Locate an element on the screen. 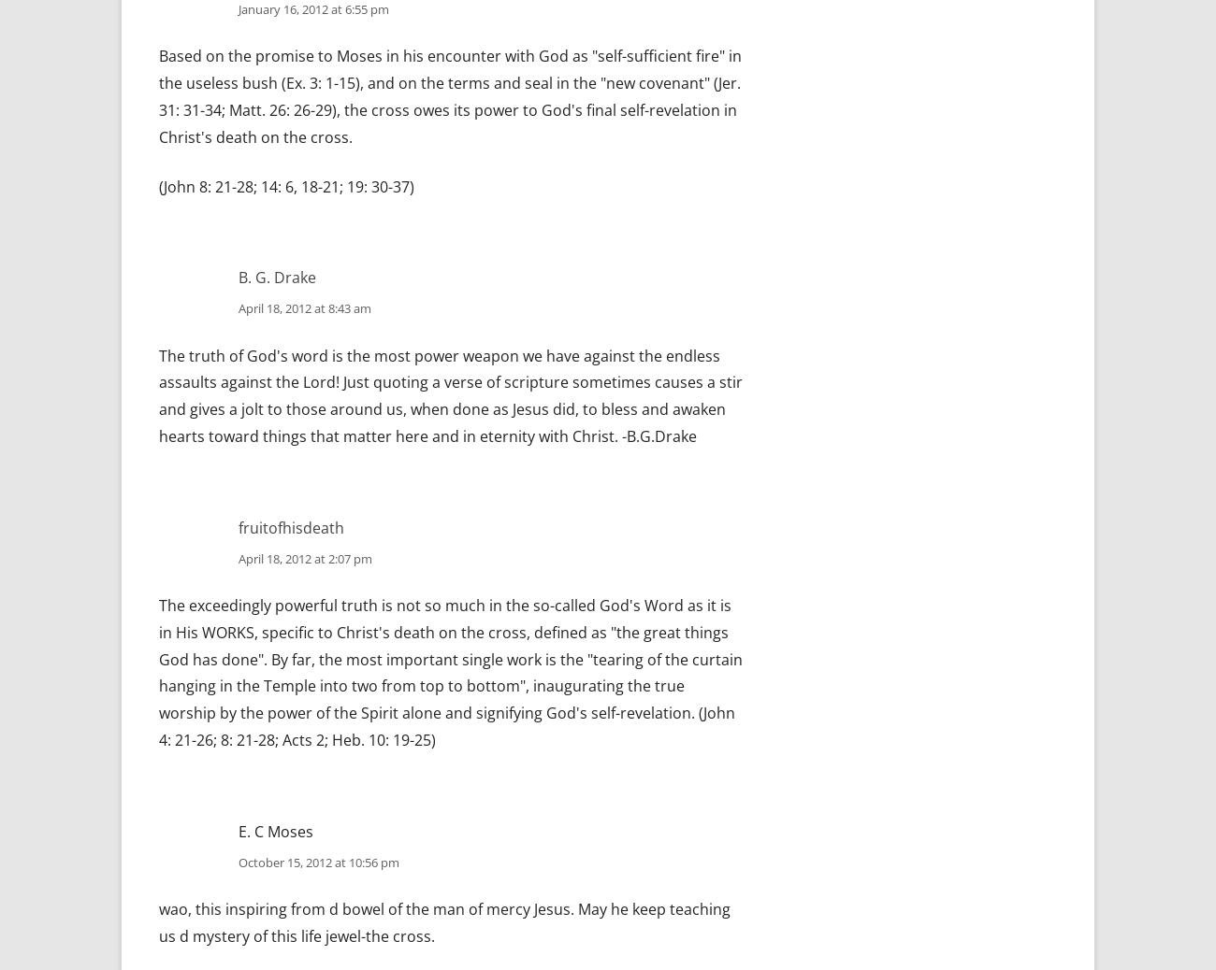 This screenshot has height=970, width=1216. 'January 16, 2012 at 6:55 pm' is located at coordinates (312, 7).